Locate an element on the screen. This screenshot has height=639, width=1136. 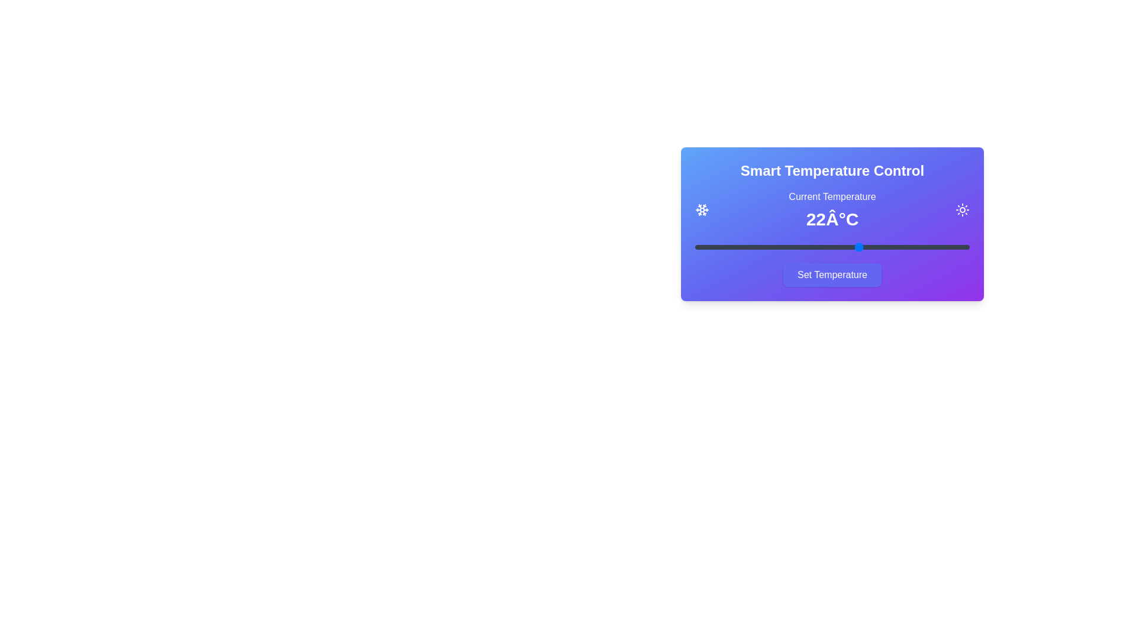
the Text Display element that shows the current temperature, which prominently displays '22Â°C' and is located within the 'Smart Temperature Control' card is located at coordinates (831, 209).